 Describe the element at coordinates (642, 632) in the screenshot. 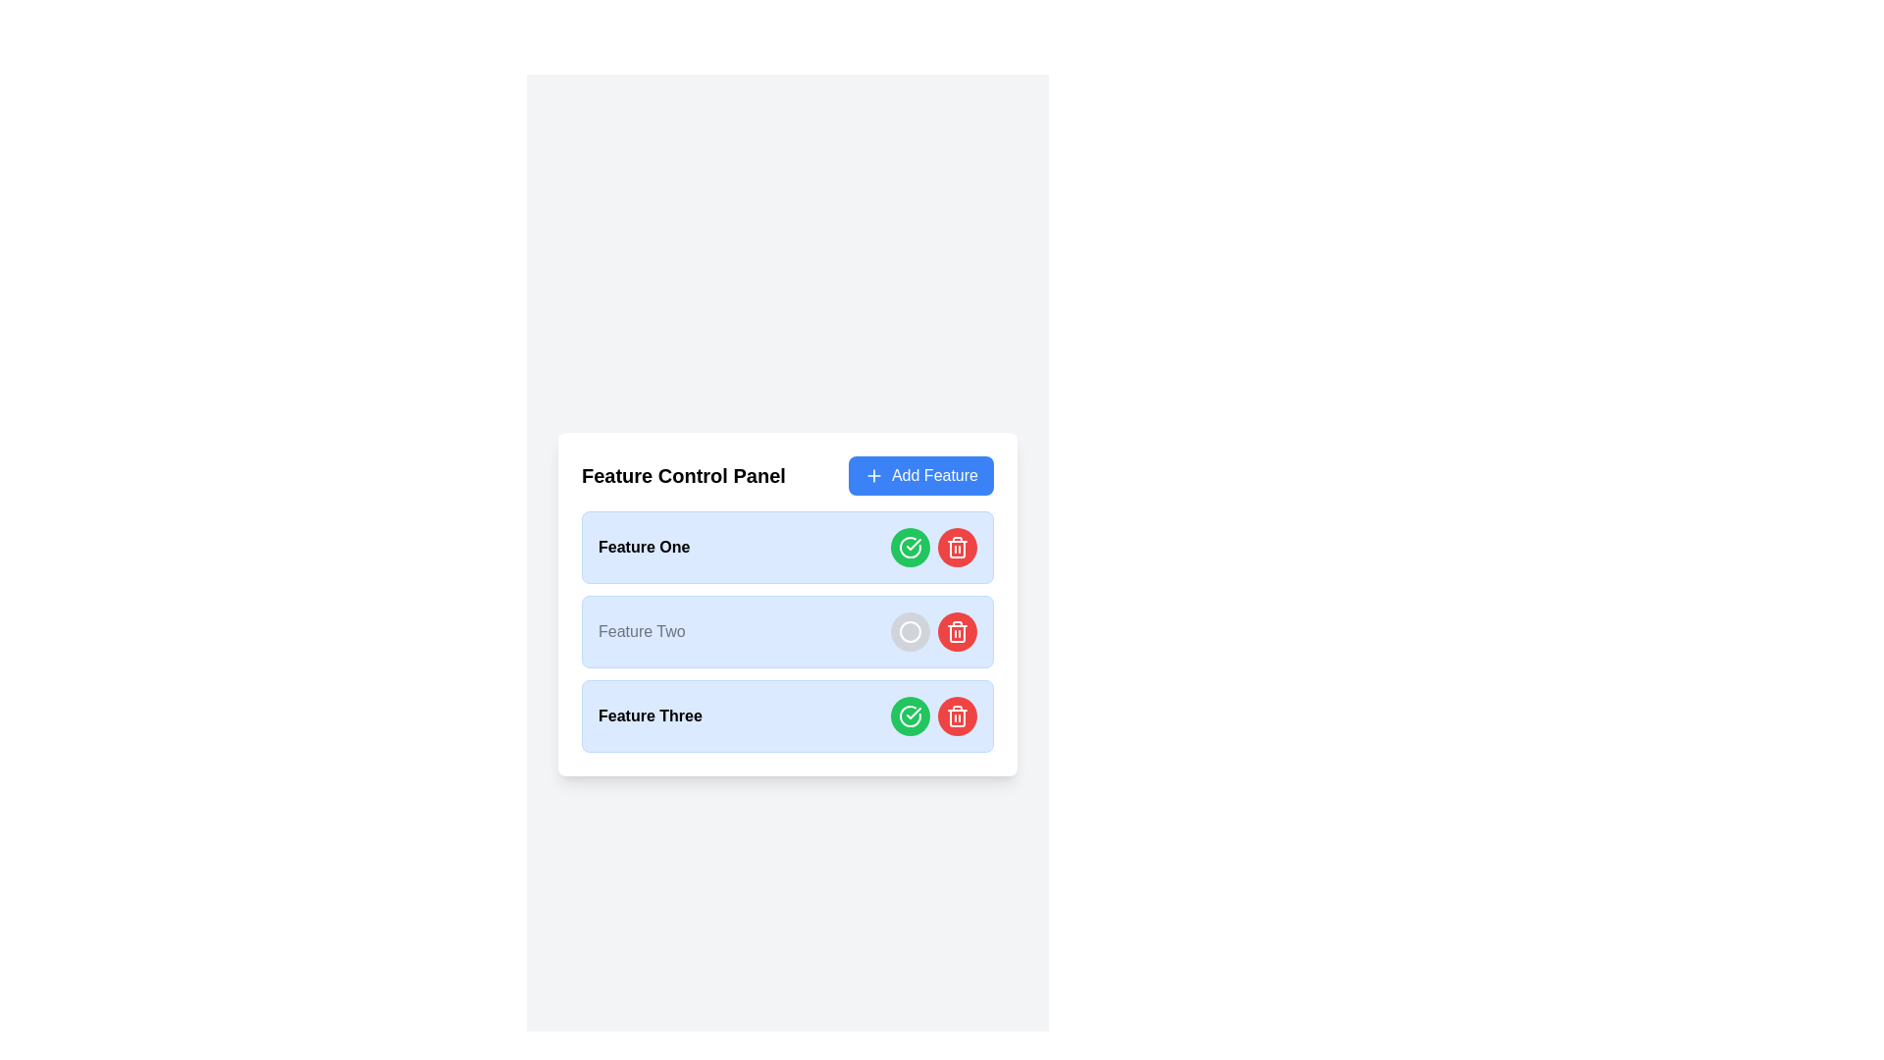

I see `the text label displaying 'Feature Two' which is centered in the second row of a vertical list, surrounded by a light blue background` at that location.